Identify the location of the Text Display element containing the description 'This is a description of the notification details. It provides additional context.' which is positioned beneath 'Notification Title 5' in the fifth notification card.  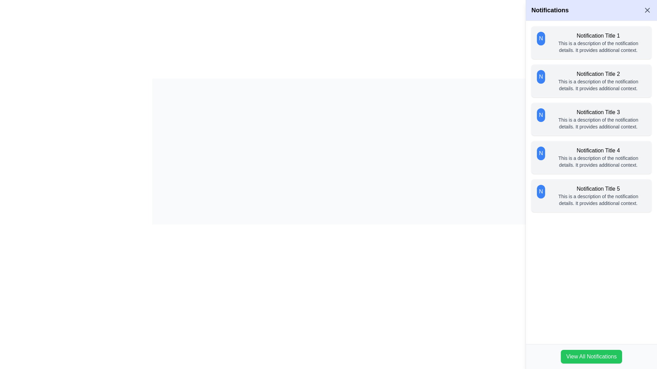
(598, 200).